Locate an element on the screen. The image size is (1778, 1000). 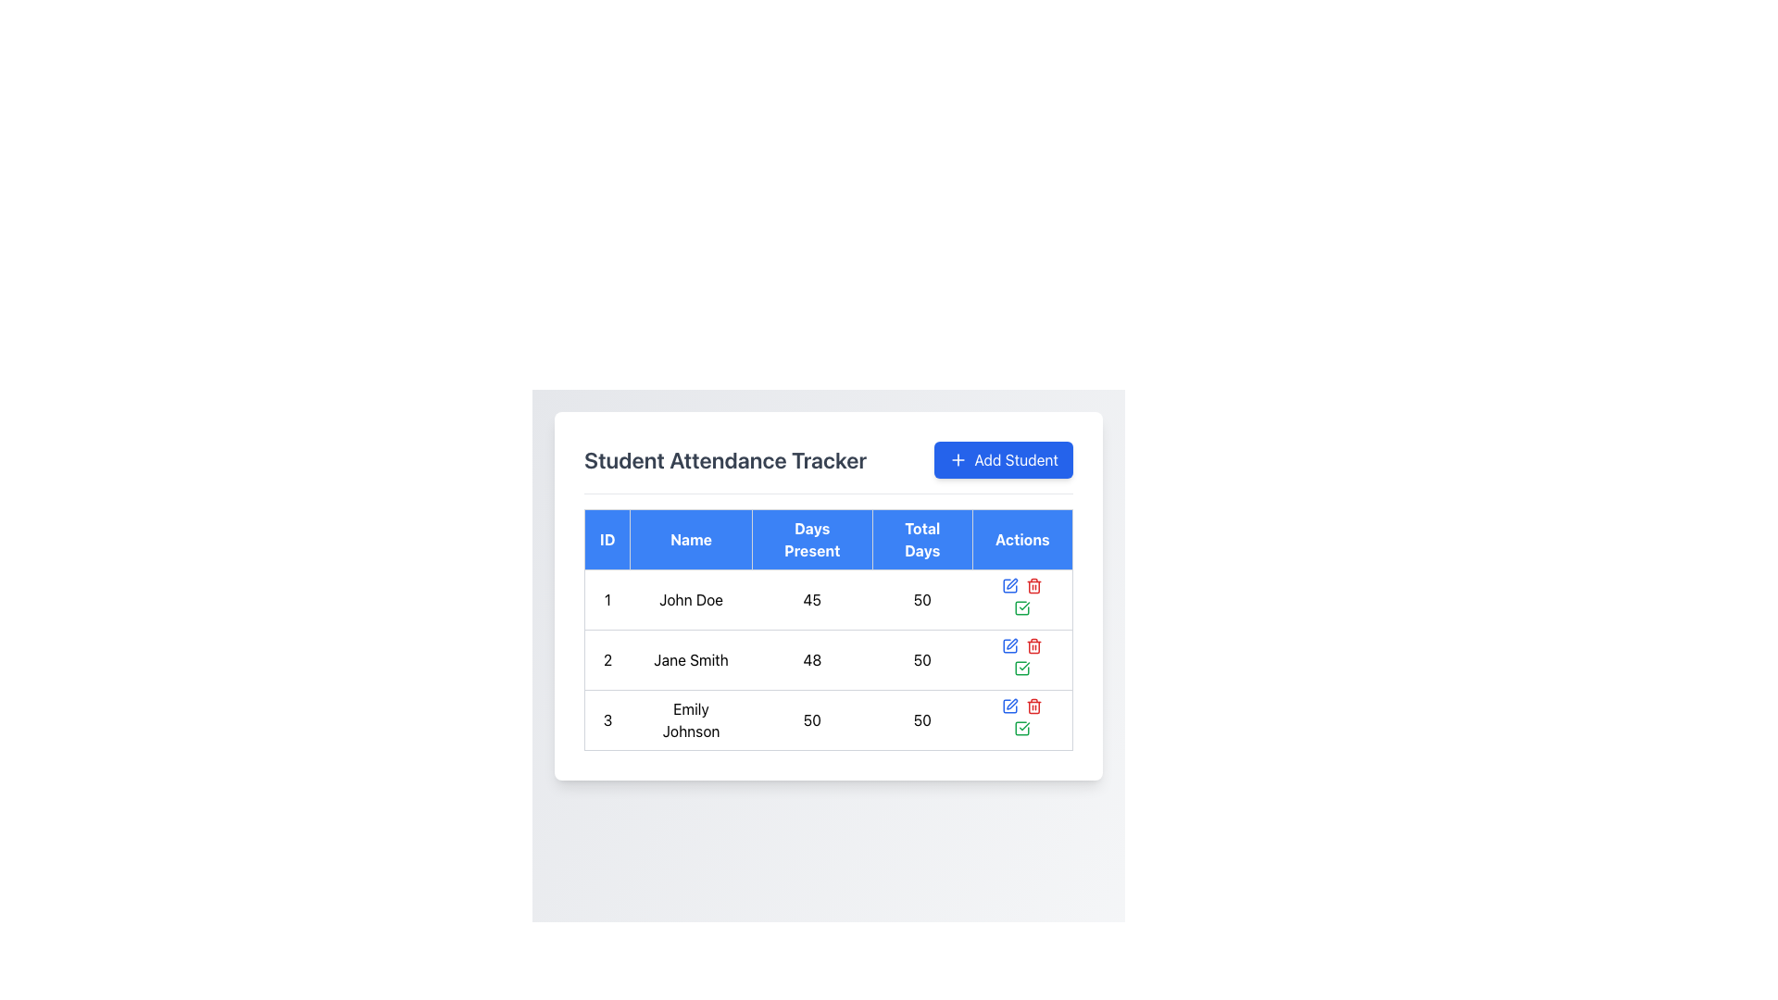
the small plus sign icon located inside the blue 'Add Student' button, which is labeled with white text is located at coordinates (958, 459).